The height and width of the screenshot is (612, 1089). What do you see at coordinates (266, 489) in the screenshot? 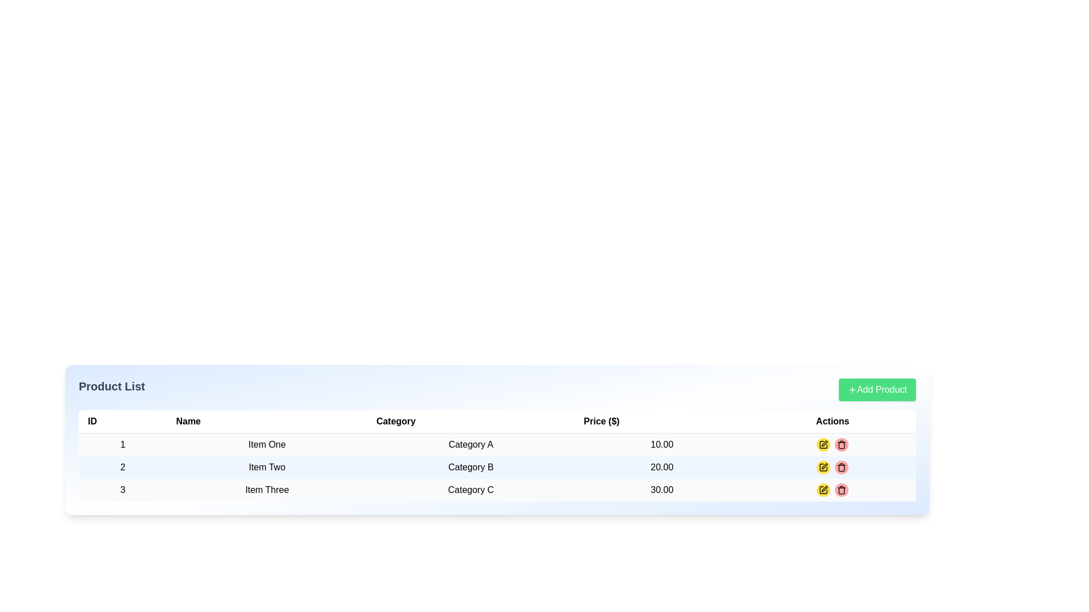
I see `the text label displaying the name of the third product in the table, which is centrally located between 'Category C' and '3'` at bounding box center [266, 489].